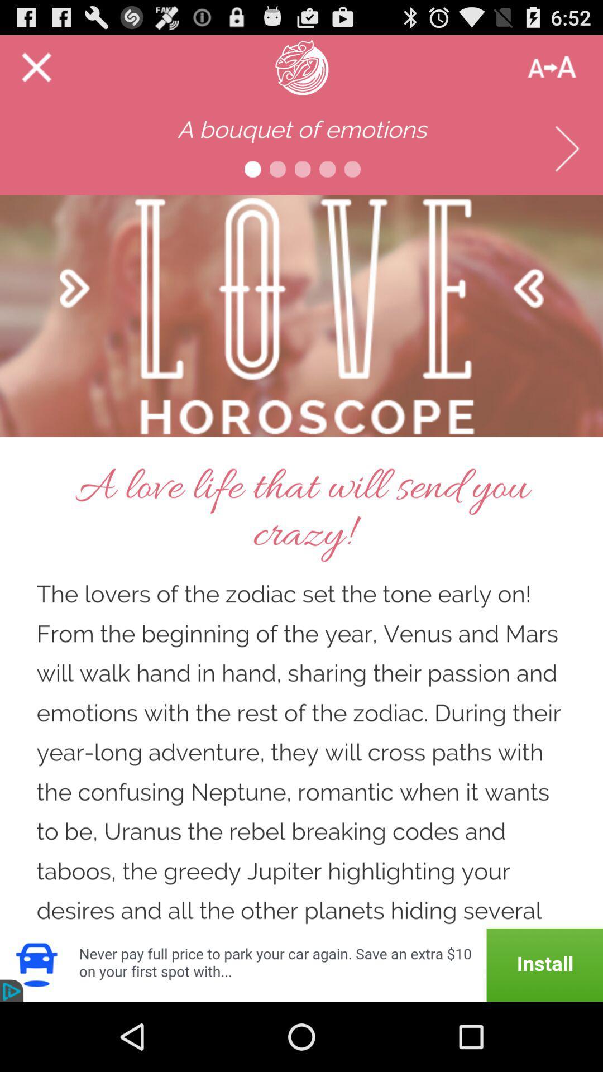  I want to click on advertisement page, so click(301, 481).